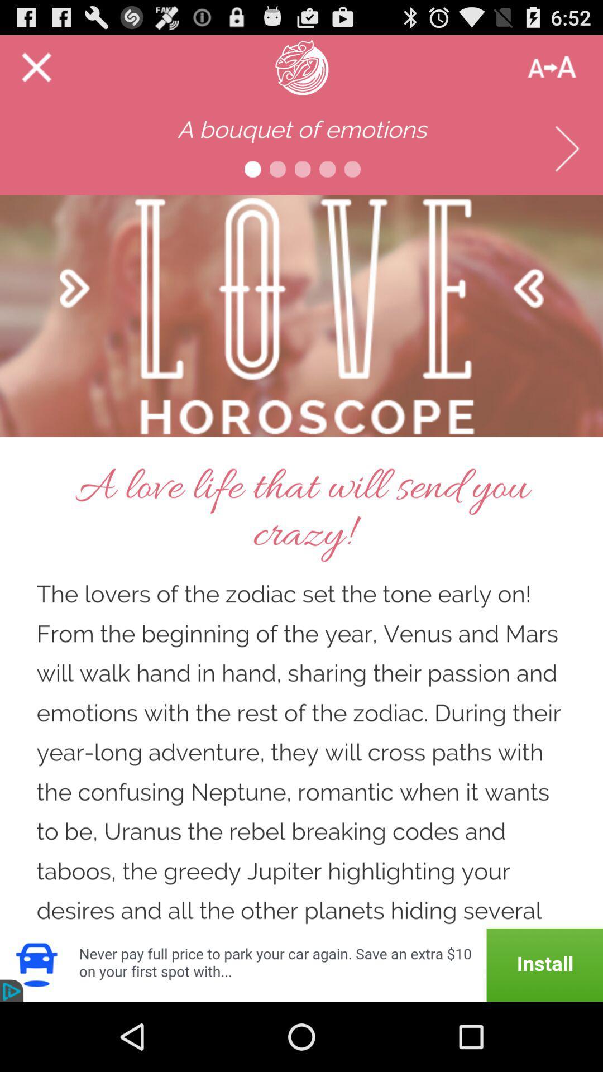  I want to click on advertisement page, so click(301, 481).